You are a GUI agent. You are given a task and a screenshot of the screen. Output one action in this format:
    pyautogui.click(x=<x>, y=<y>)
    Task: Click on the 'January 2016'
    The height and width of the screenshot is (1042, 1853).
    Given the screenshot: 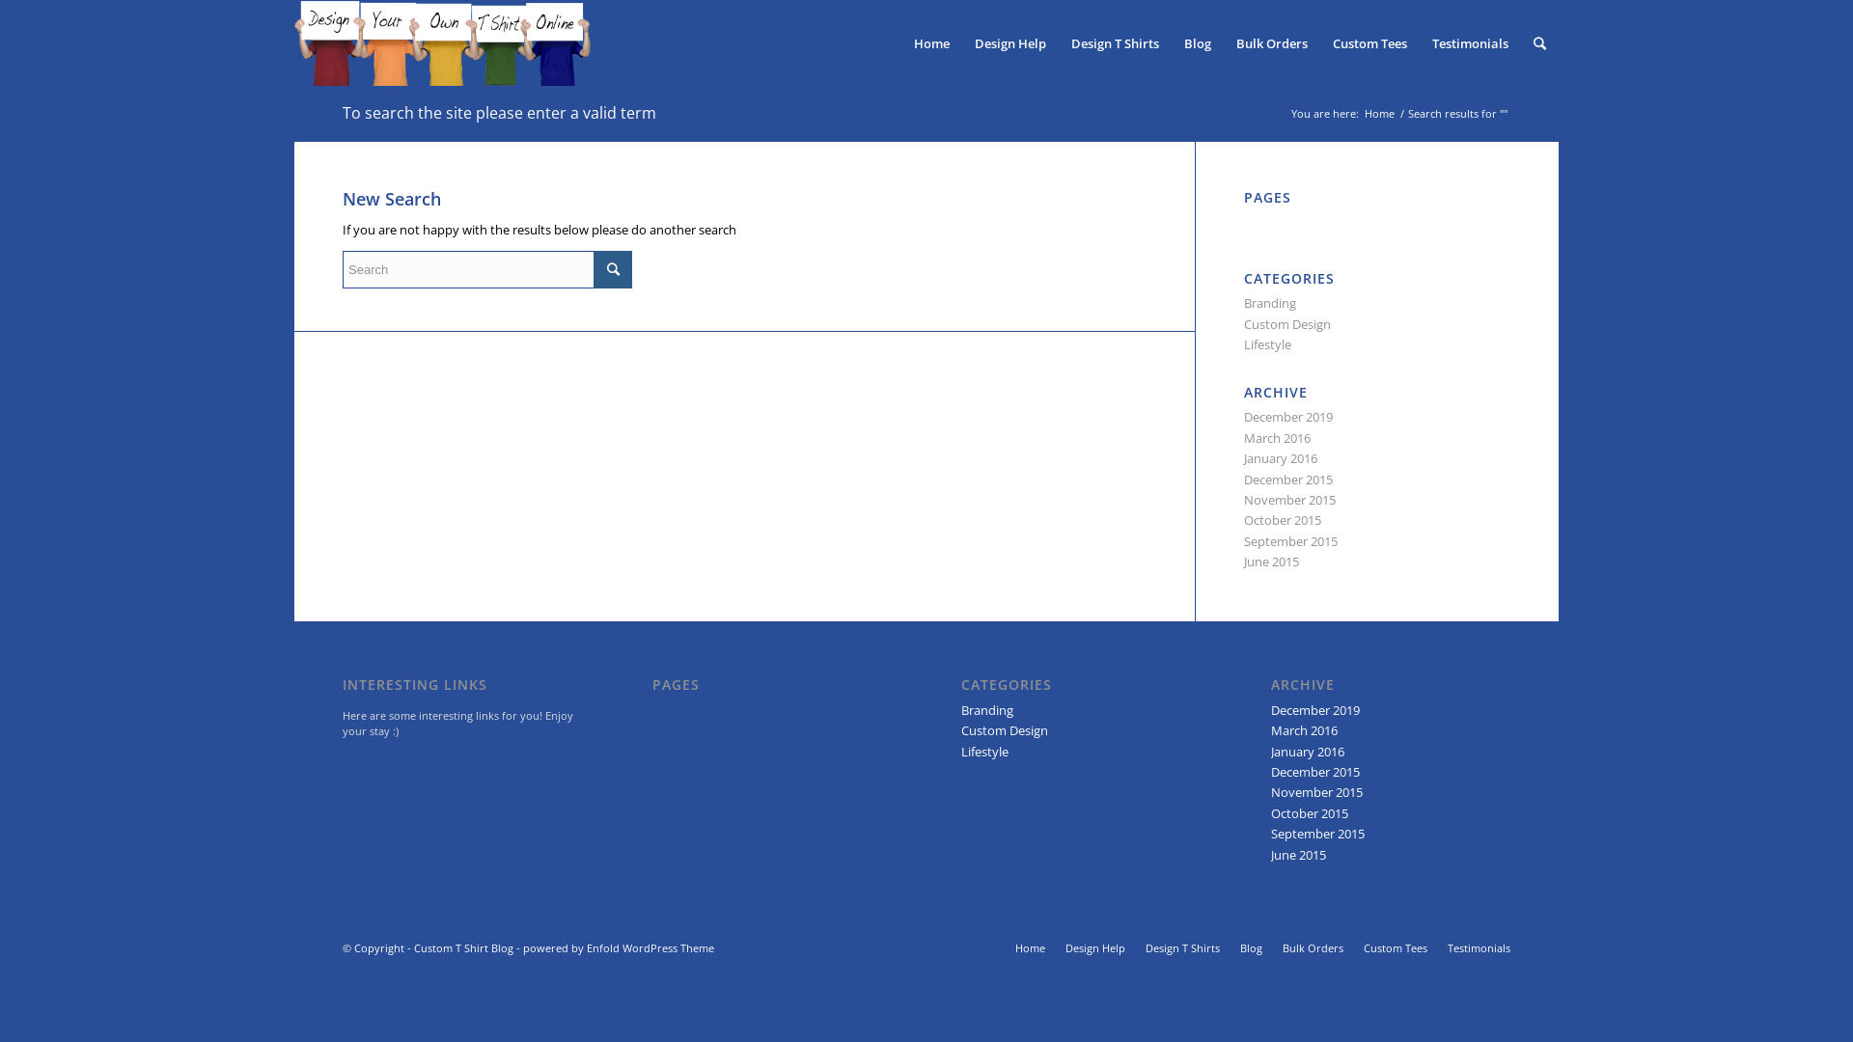 What is the action you would take?
    pyautogui.click(x=1307, y=751)
    